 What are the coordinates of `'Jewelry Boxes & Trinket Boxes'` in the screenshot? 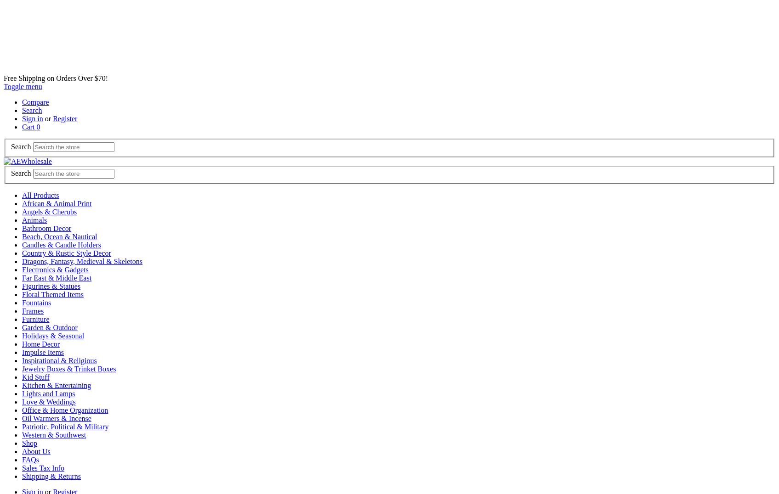 It's located at (69, 369).